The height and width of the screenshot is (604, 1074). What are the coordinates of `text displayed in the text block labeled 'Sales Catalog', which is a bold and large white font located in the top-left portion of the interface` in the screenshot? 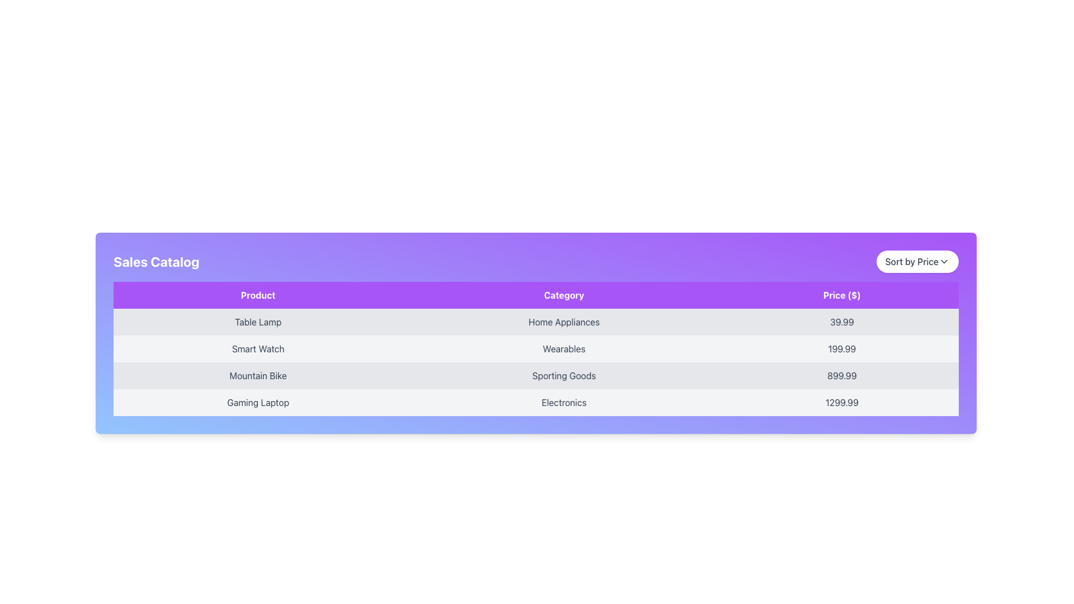 It's located at (156, 261).